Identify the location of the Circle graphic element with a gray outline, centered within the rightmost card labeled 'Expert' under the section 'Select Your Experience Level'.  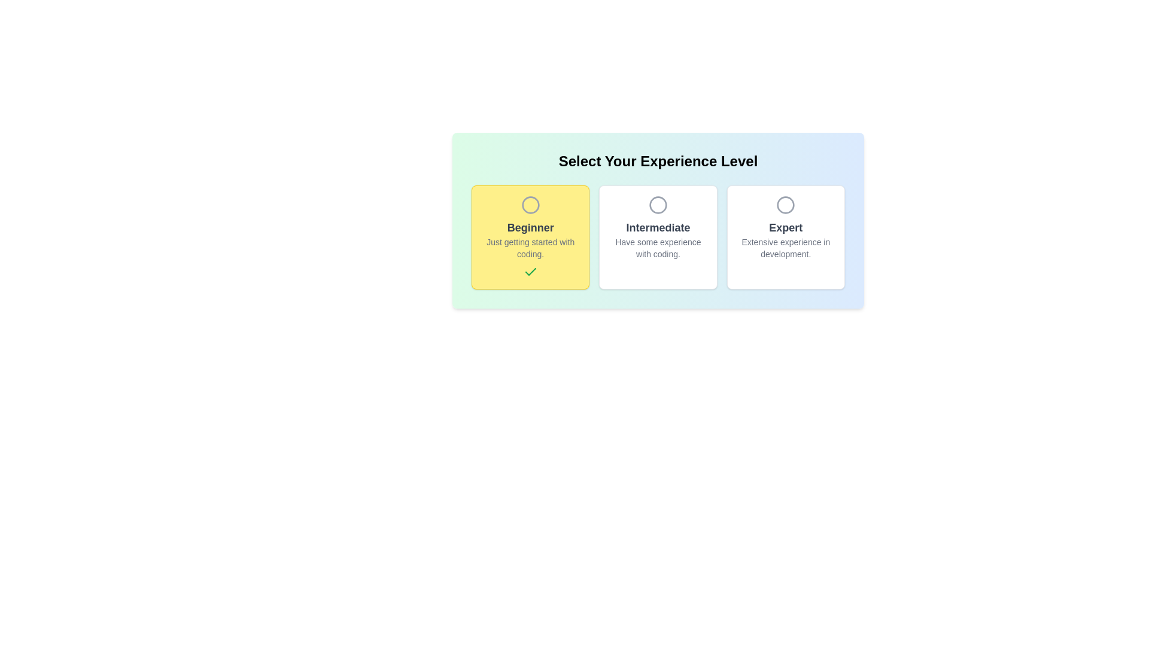
(786, 205).